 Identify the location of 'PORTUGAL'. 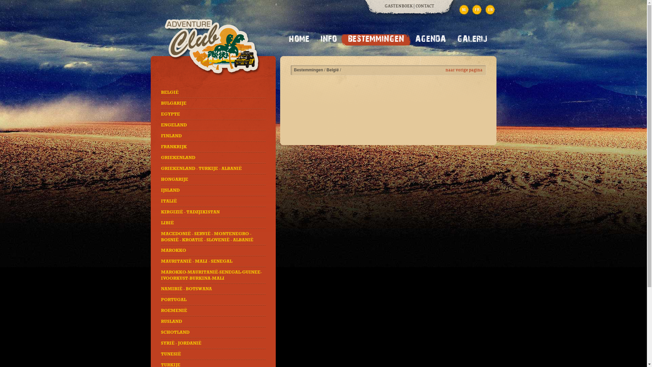
(161, 299).